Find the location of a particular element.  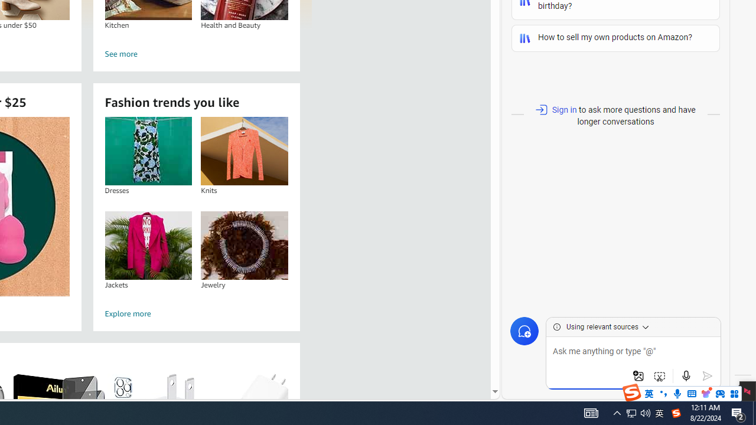

'Jackets' is located at coordinates (147, 244).